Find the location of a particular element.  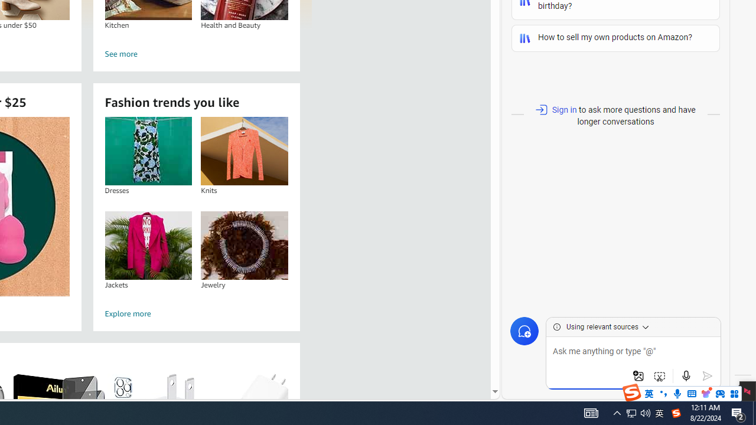

'Jackets' is located at coordinates (147, 244).